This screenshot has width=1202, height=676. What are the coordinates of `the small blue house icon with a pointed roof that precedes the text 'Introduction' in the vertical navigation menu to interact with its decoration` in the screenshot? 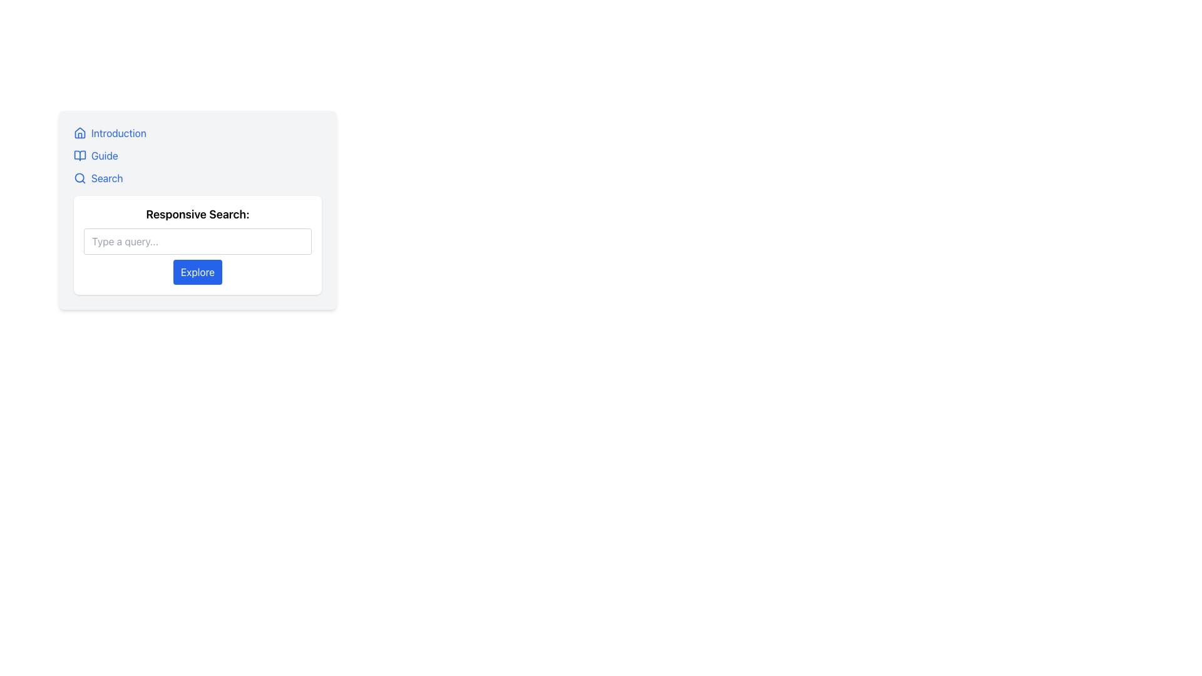 It's located at (80, 133).